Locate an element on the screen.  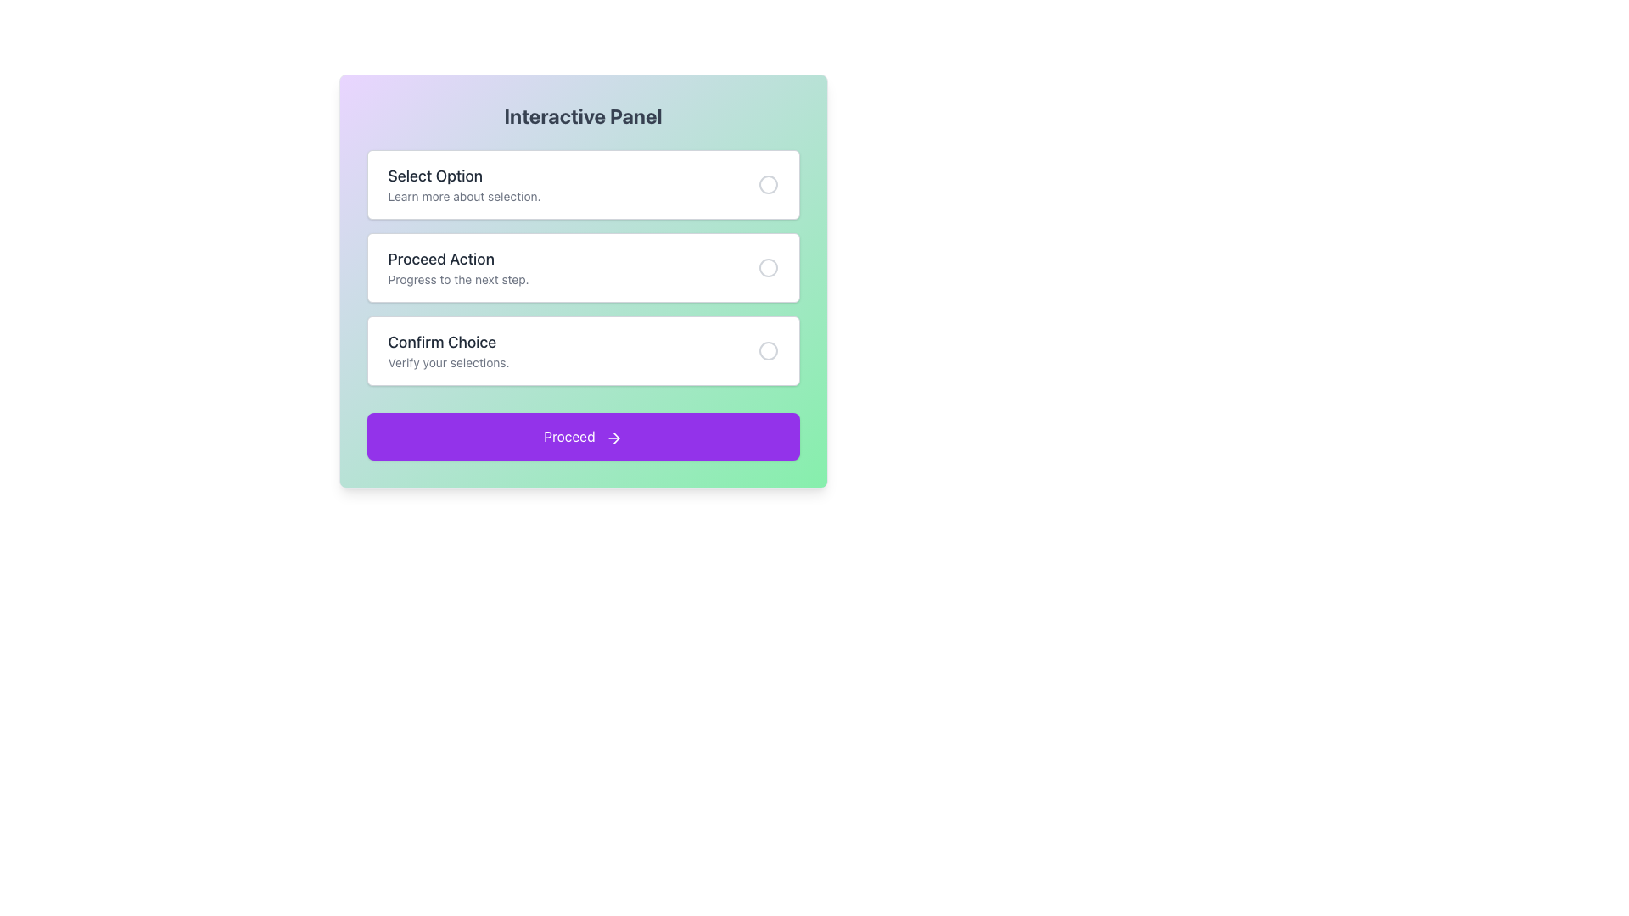
the text element that reads 'Verify your selections.' which is styled in small gray font and positioned below the heading 'Confirm Choice' is located at coordinates (448, 362).